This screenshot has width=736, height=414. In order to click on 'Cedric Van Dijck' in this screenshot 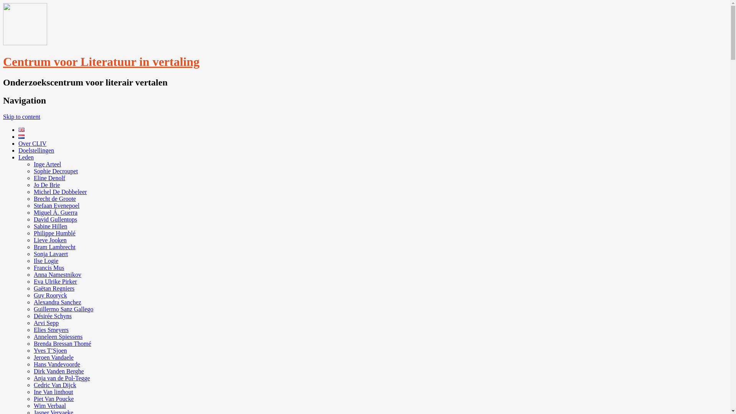, I will do `click(33, 385)`.